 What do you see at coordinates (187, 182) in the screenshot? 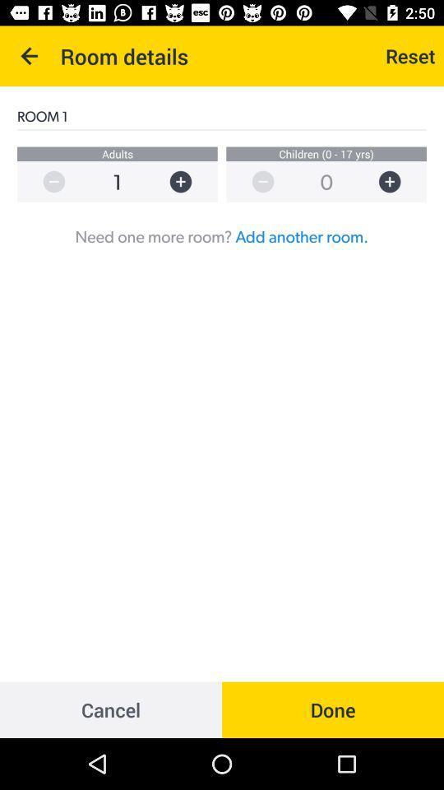
I see `adult` at bounding box center [187, 182].